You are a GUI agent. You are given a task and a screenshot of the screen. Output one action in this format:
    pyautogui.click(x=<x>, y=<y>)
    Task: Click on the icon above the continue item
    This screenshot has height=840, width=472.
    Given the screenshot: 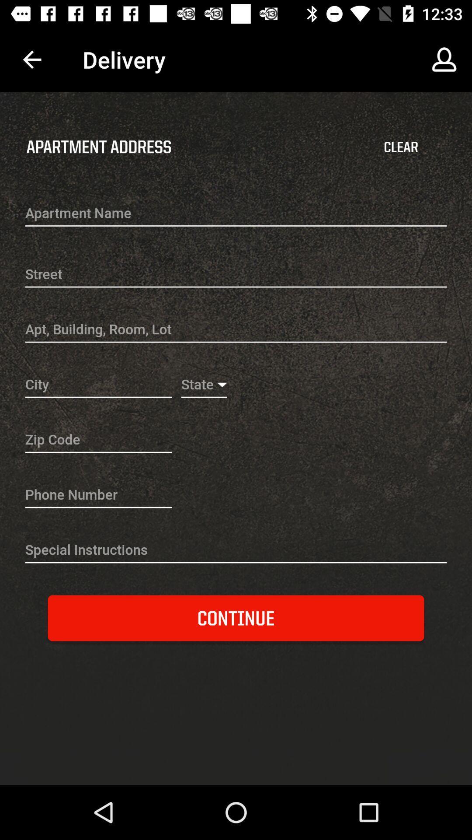 What is the action you would take?
    pyautogui.click(x=236, y=550)
    